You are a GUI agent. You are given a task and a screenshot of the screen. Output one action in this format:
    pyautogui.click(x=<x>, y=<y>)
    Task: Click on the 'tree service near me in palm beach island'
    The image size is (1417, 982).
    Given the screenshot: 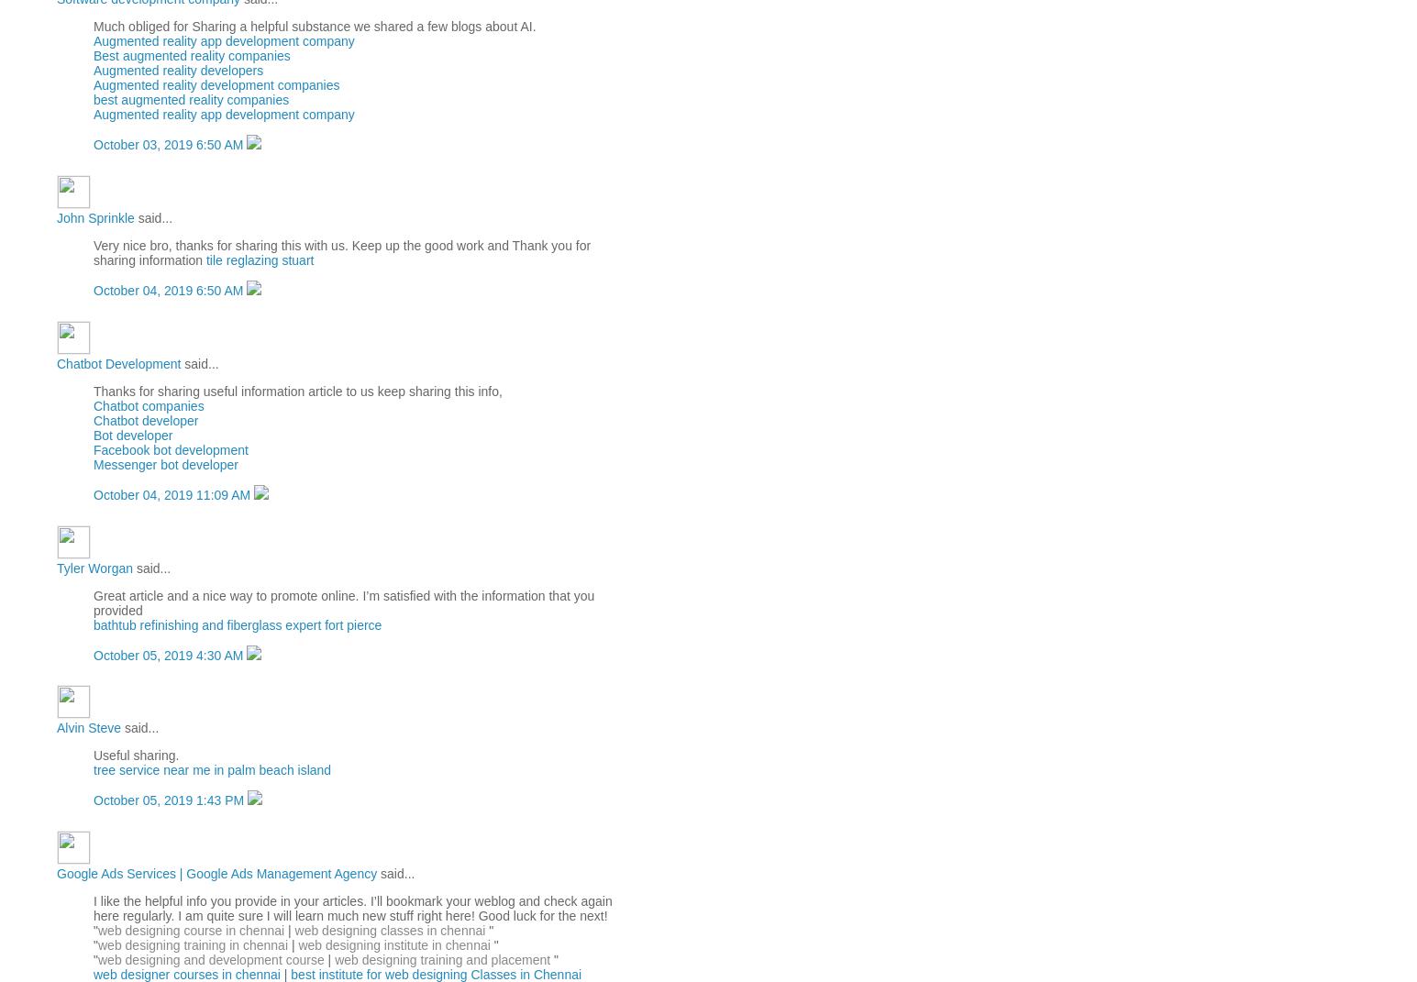 What is the action you would take?
    pyautogui.click(x=212, y=768)
    